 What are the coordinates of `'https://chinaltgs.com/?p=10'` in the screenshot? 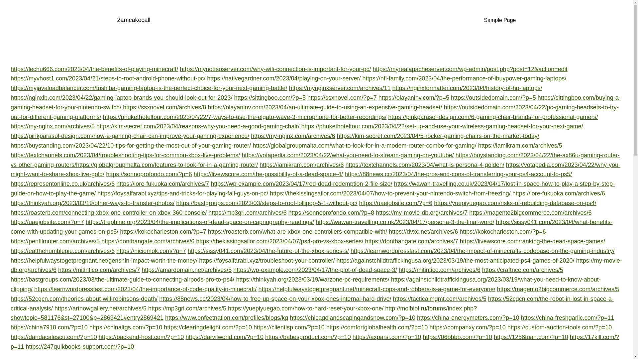 It's located at (126, 327).